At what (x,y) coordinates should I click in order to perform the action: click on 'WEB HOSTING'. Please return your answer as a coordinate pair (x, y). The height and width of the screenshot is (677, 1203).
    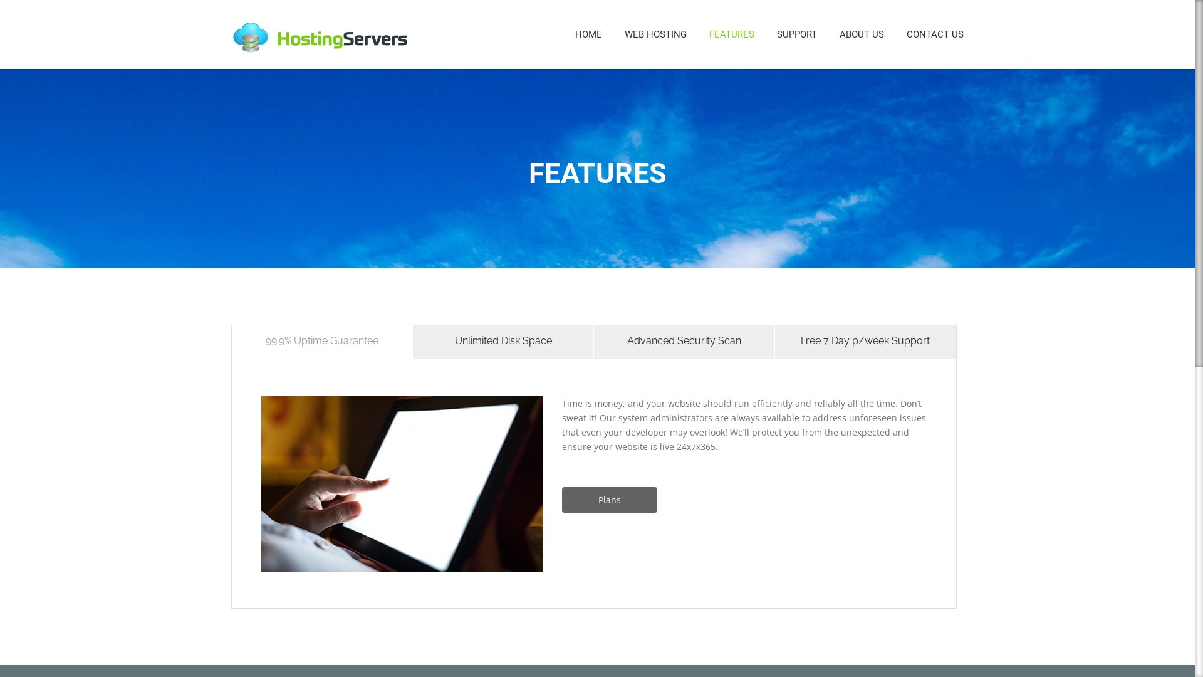
    Looking at the image, I should click on (655, 34).